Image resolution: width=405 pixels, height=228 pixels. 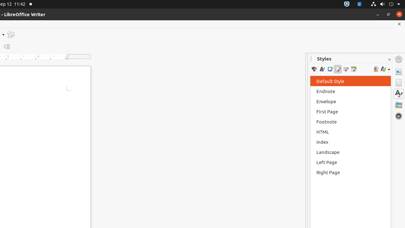 What do you see at coordinates (398, 116) in the screenshot?
I see `'Navigator'` at bounding box center [398, 116].